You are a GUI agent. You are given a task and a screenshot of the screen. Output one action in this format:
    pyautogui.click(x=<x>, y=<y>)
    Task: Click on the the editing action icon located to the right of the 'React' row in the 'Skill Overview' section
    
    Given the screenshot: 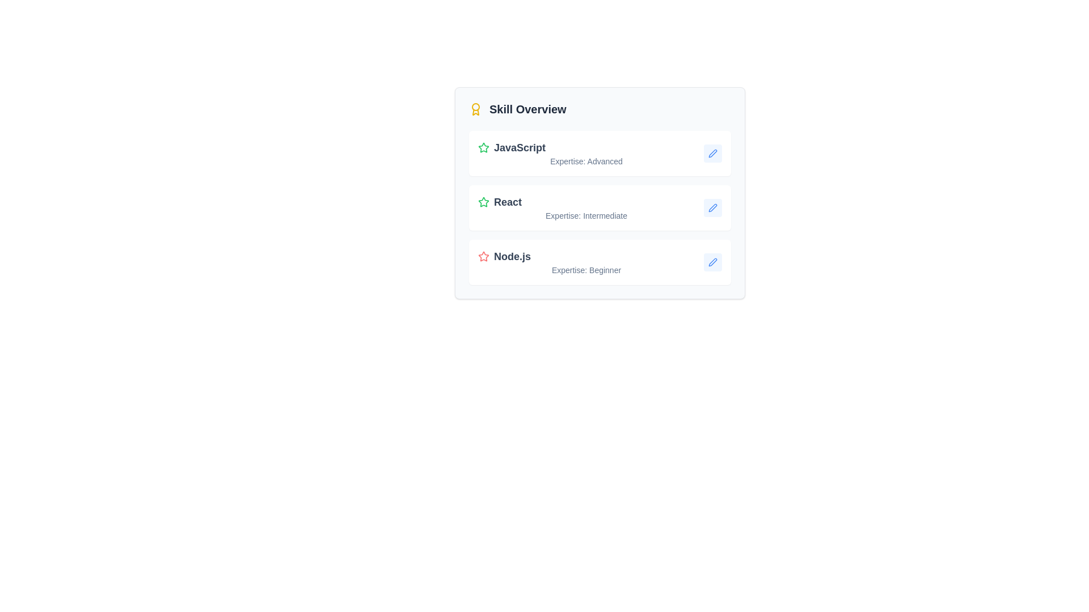 What is the action you would take?
    pyautogui.click(x=712, y=207)
    